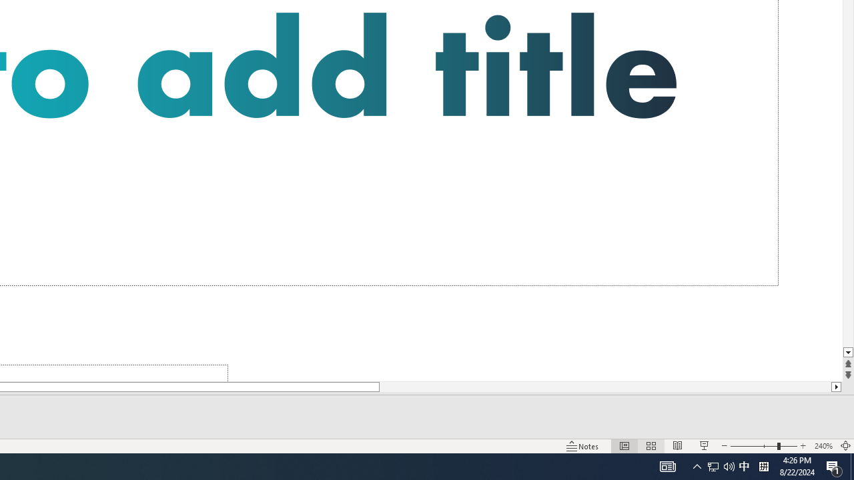 Image resolution: width=854 pixels, height=480 pixels. I want to click on 'Slide Show', so click(704, 446).